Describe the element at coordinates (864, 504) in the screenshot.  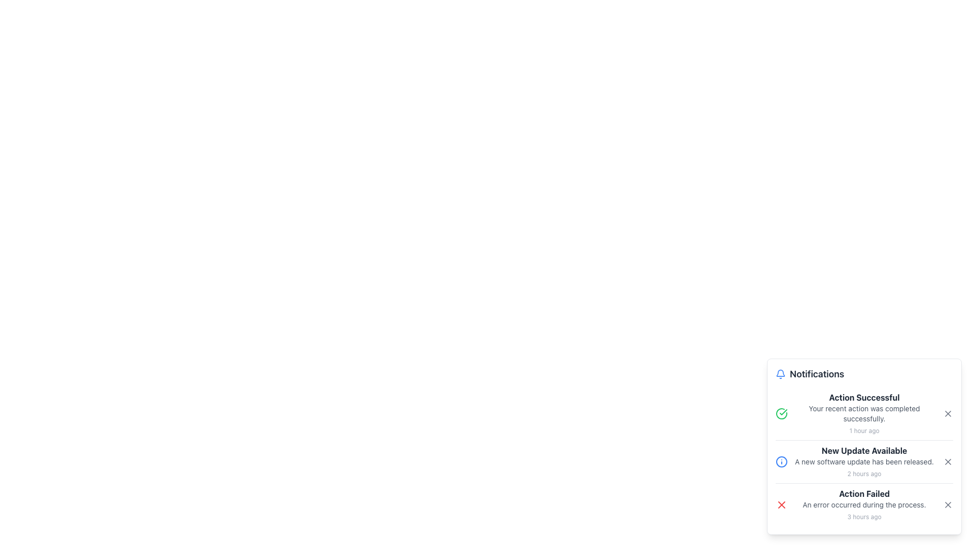
I see `the dismiss icon of the third notification card titled 'Action Failed', which is located at the bottom of the notification panel` at that location.